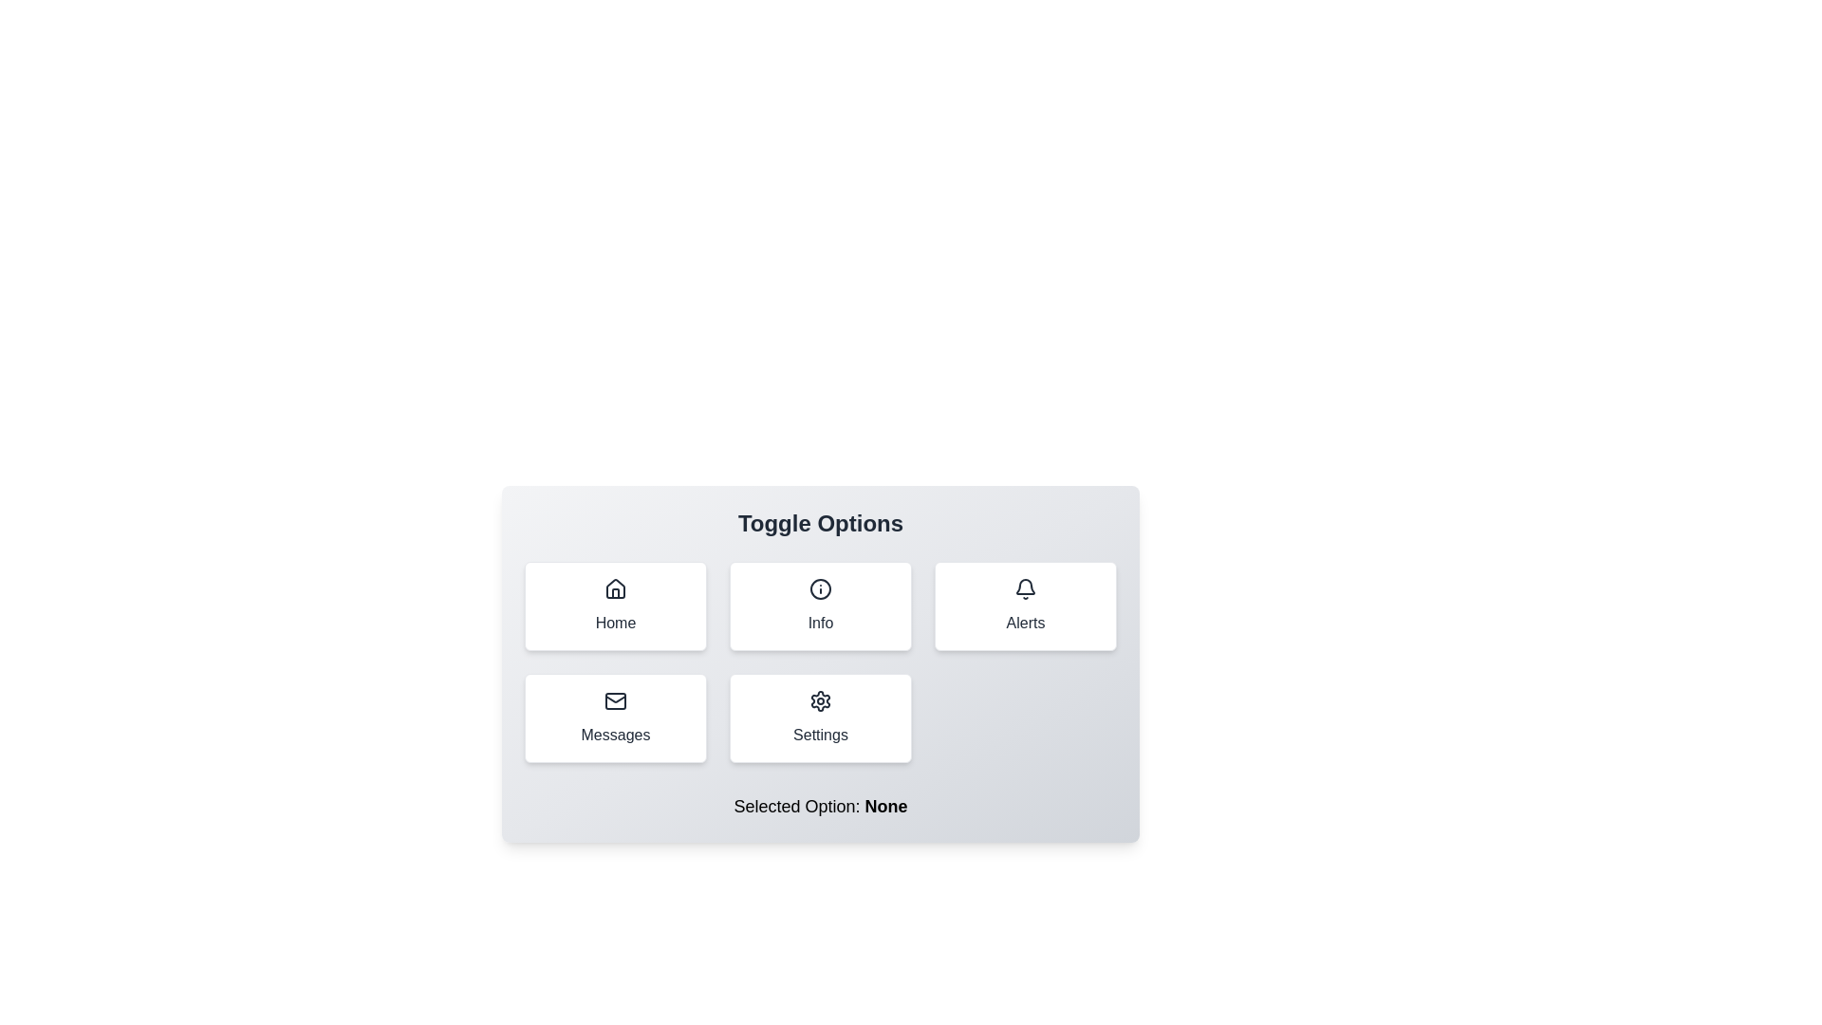  What do you see at coordinates (1024, 606) in the screenshot?
I see `the 'Alerts' button located in the third column of the top row` at bounding box center [1024, 606].